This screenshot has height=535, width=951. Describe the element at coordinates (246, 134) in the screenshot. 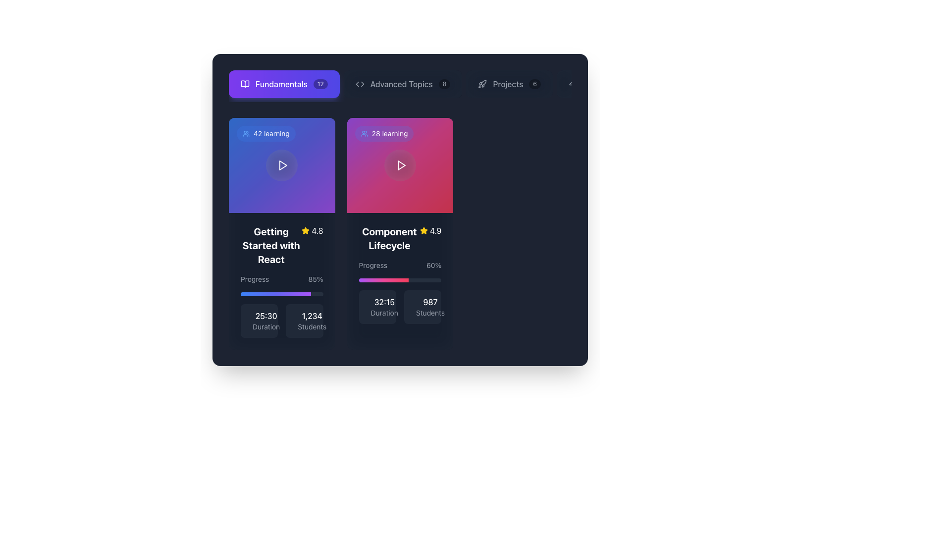

I see `the user group icon located within the '42 learning' badge on the 'Getting Started with React' card, which features rounded outlines of two figures` at that location.